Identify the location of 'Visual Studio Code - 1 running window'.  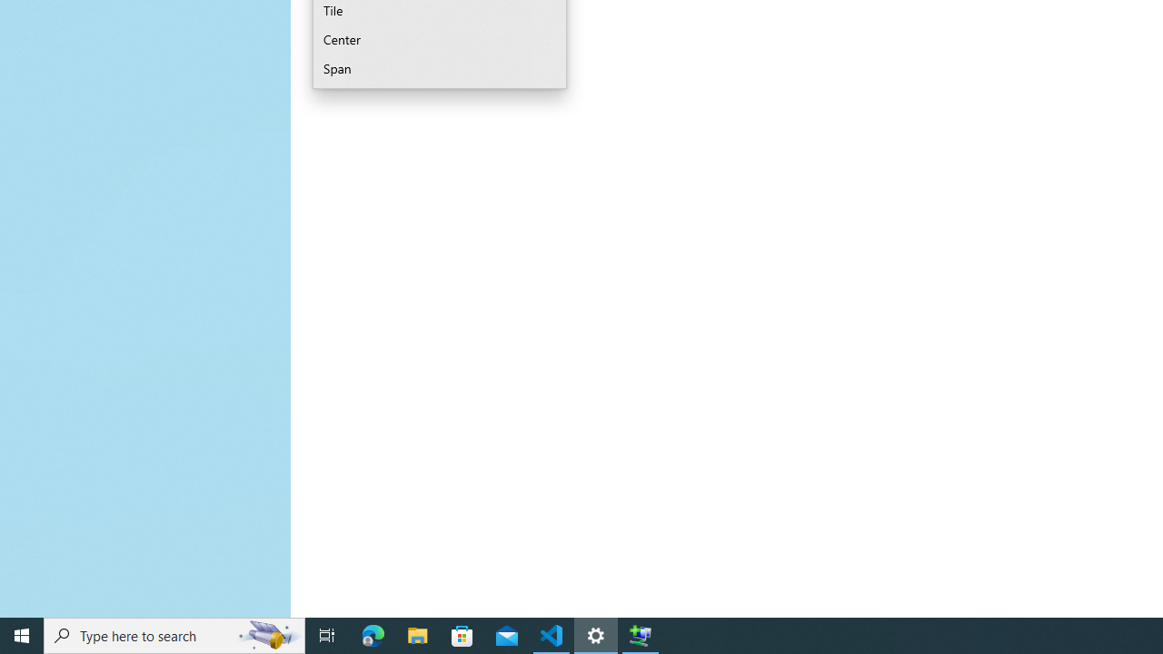
(551, 634).